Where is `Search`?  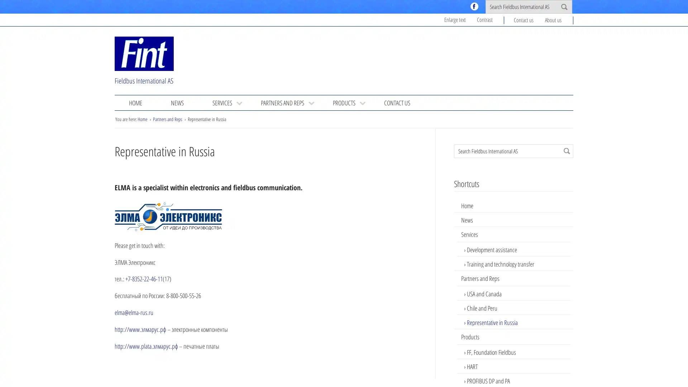 Search is located at coordinates (564, 7).